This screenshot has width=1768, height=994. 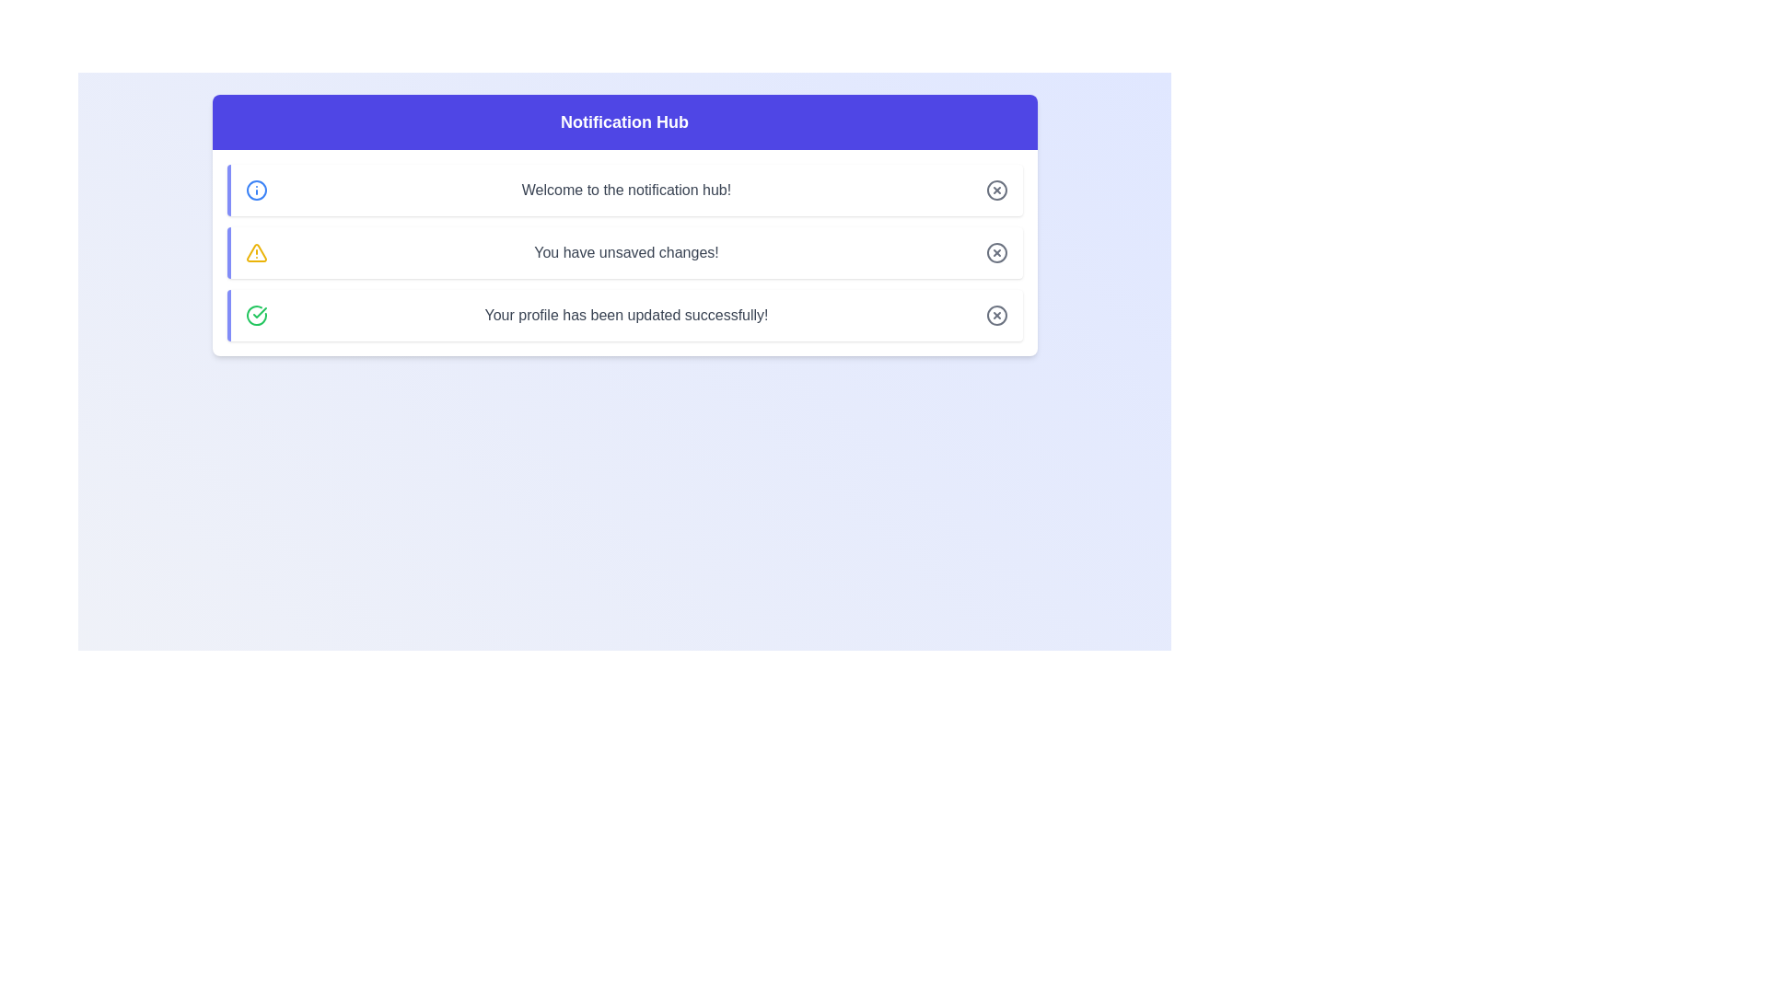 I want to click on the welcome message text label located within the first notification card in the notification hub, positioned between the information icon and the close button, so click(x=626, y=191).